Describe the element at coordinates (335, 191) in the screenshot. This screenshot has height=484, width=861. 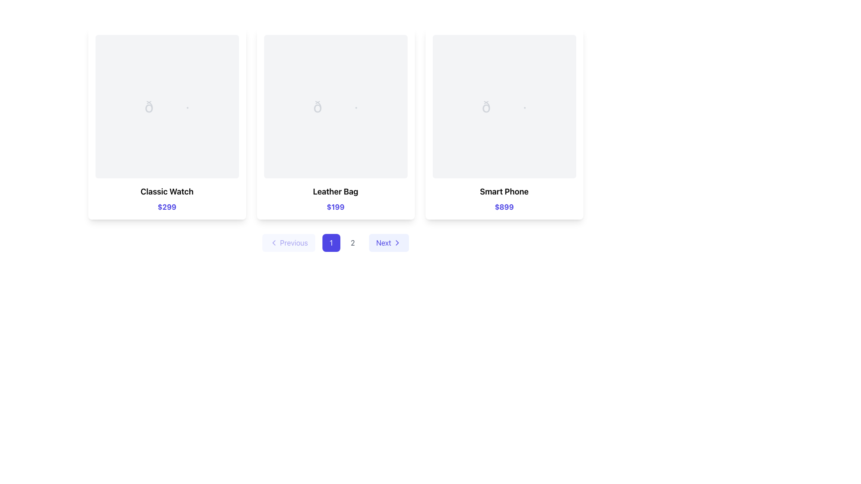
I see `the text label displaying 'Leather Bag', which is emphasized in bold and larger font, located in the center column of a three-column layout, positioned below the image placeholder and above the price text '$199'` at that location.